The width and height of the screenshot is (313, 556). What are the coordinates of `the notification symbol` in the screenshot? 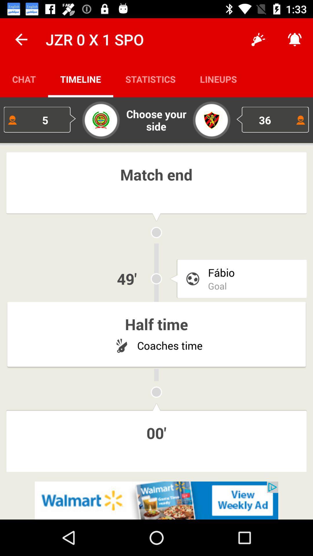 It's located at (295, 39).